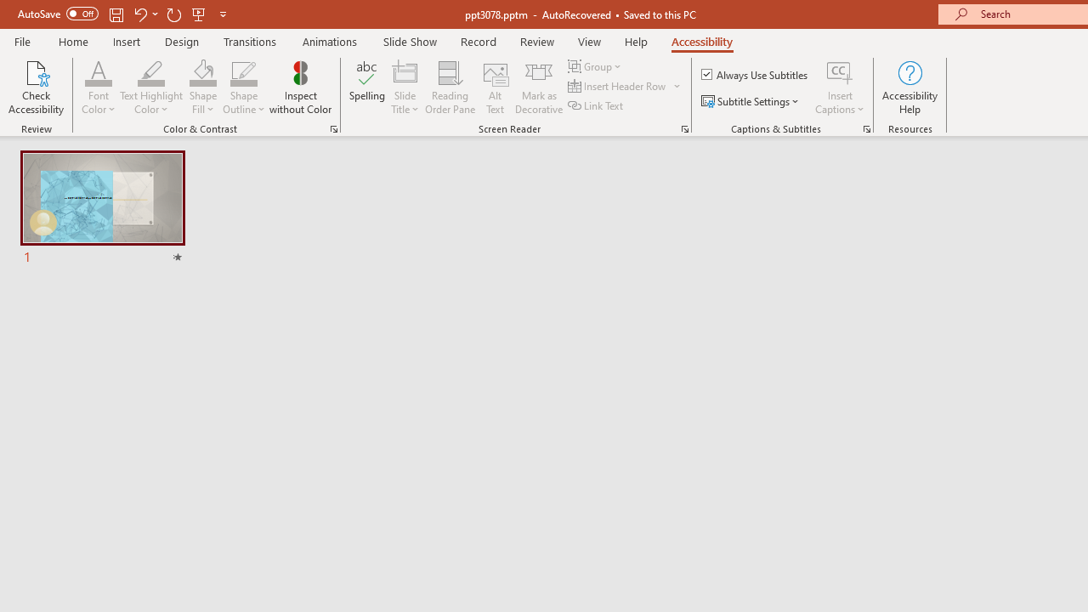 The width and height of the screenshot is (1088, 612). What do you see at coordinates (538, 88) in the screenshot?
I see `'Mark as Decorative'` at bounding box center [538, 88].